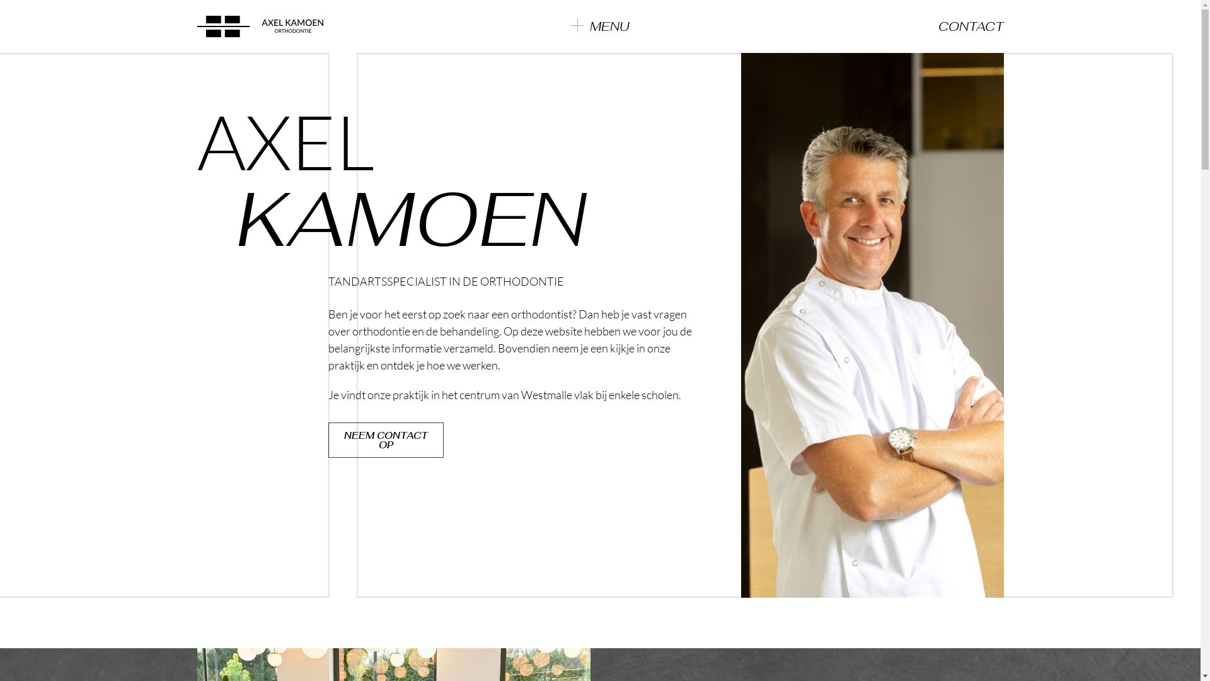  I want to click on 'NEEM CONTACT, so click(385, 439).